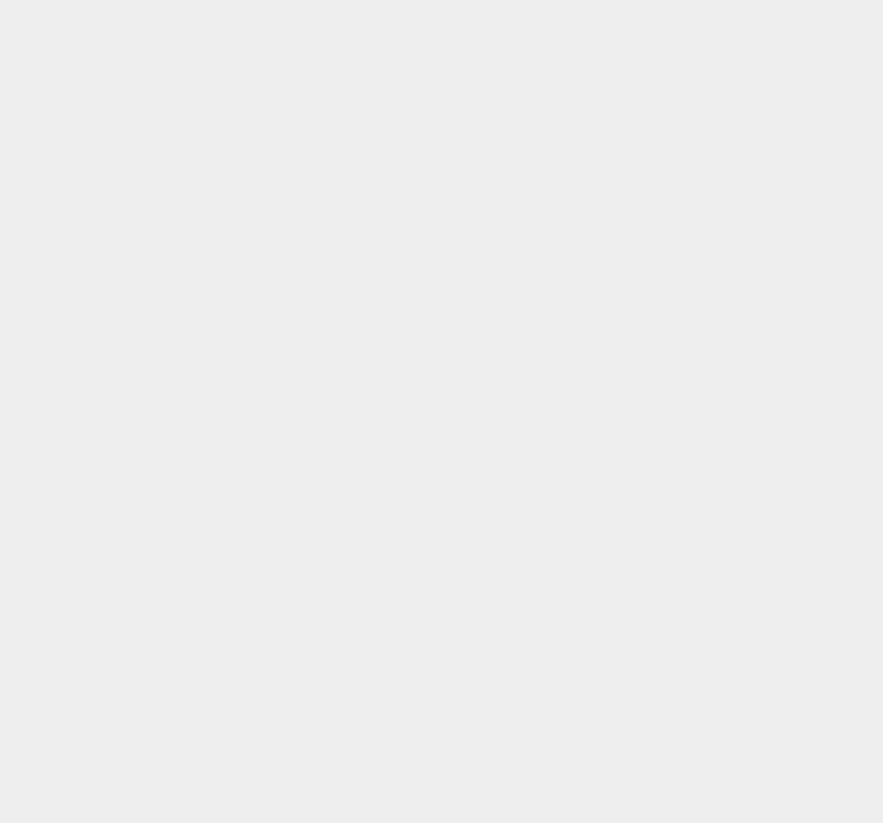 This screenshot has height=823, width=883. What do you see at coordinates (655, 502) in the screenshot?
I see `'PlayStation 4'` at bounding box center [655, 502].